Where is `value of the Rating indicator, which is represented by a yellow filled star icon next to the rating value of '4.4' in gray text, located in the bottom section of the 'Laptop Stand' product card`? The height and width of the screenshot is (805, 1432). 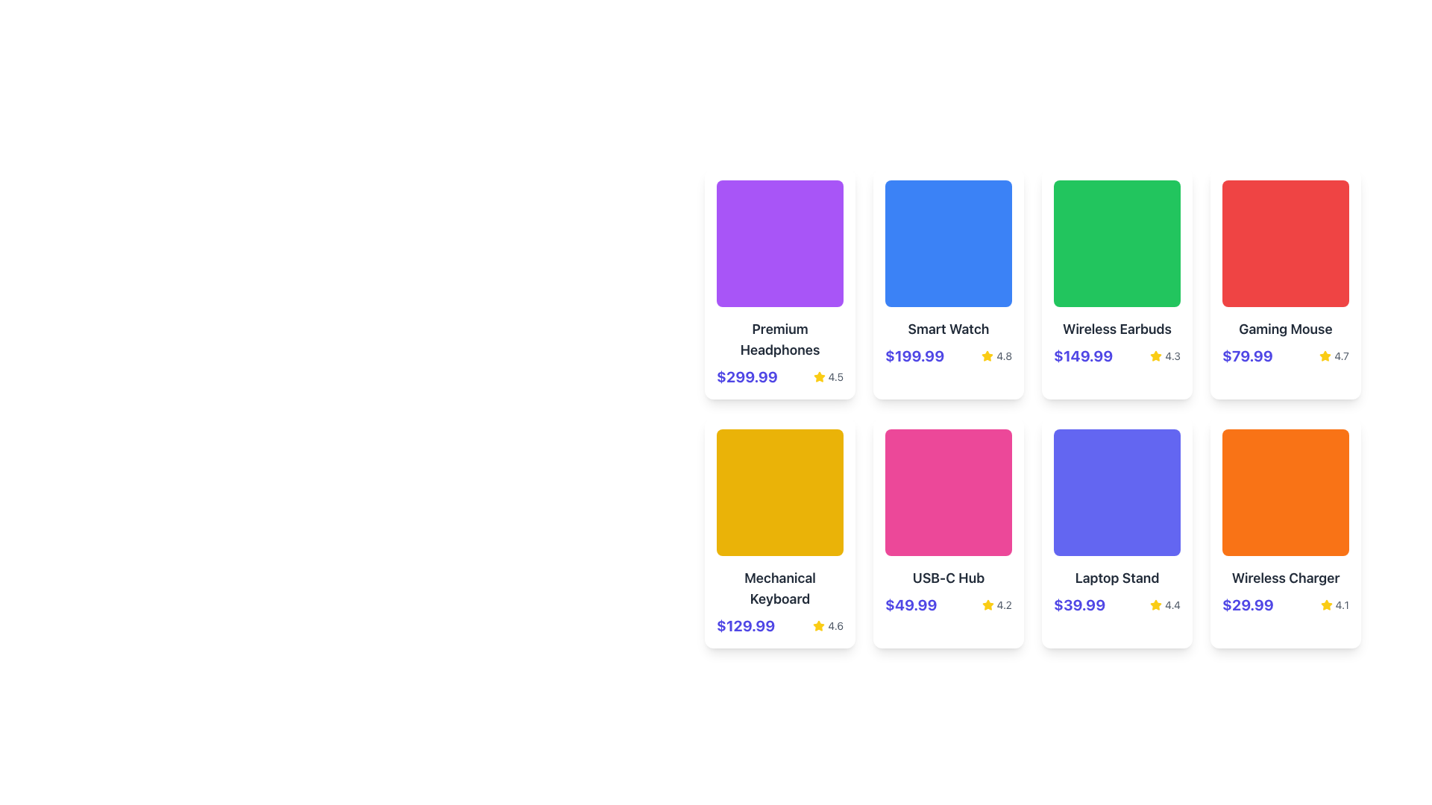
value of the Rating indicator, which is represented by a yellow filled star icon next to the rating value of '4.4' in gray text, located in the bottom section of the 'Laptop Stand' product card is located at coordinates (1164, 605).